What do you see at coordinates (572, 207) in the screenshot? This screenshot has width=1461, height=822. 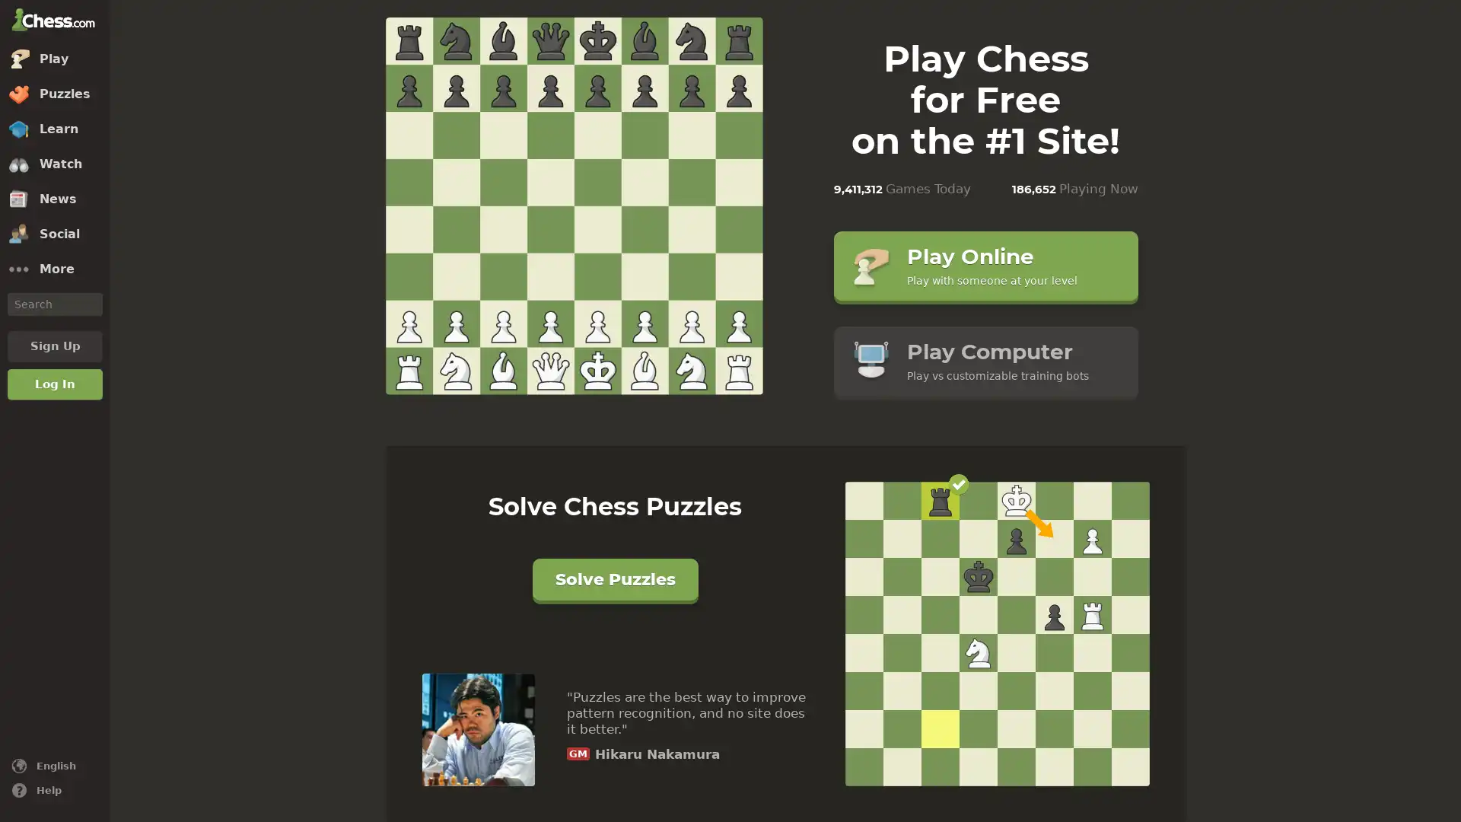 I see `Play Online` at bounding box center [572, 207].